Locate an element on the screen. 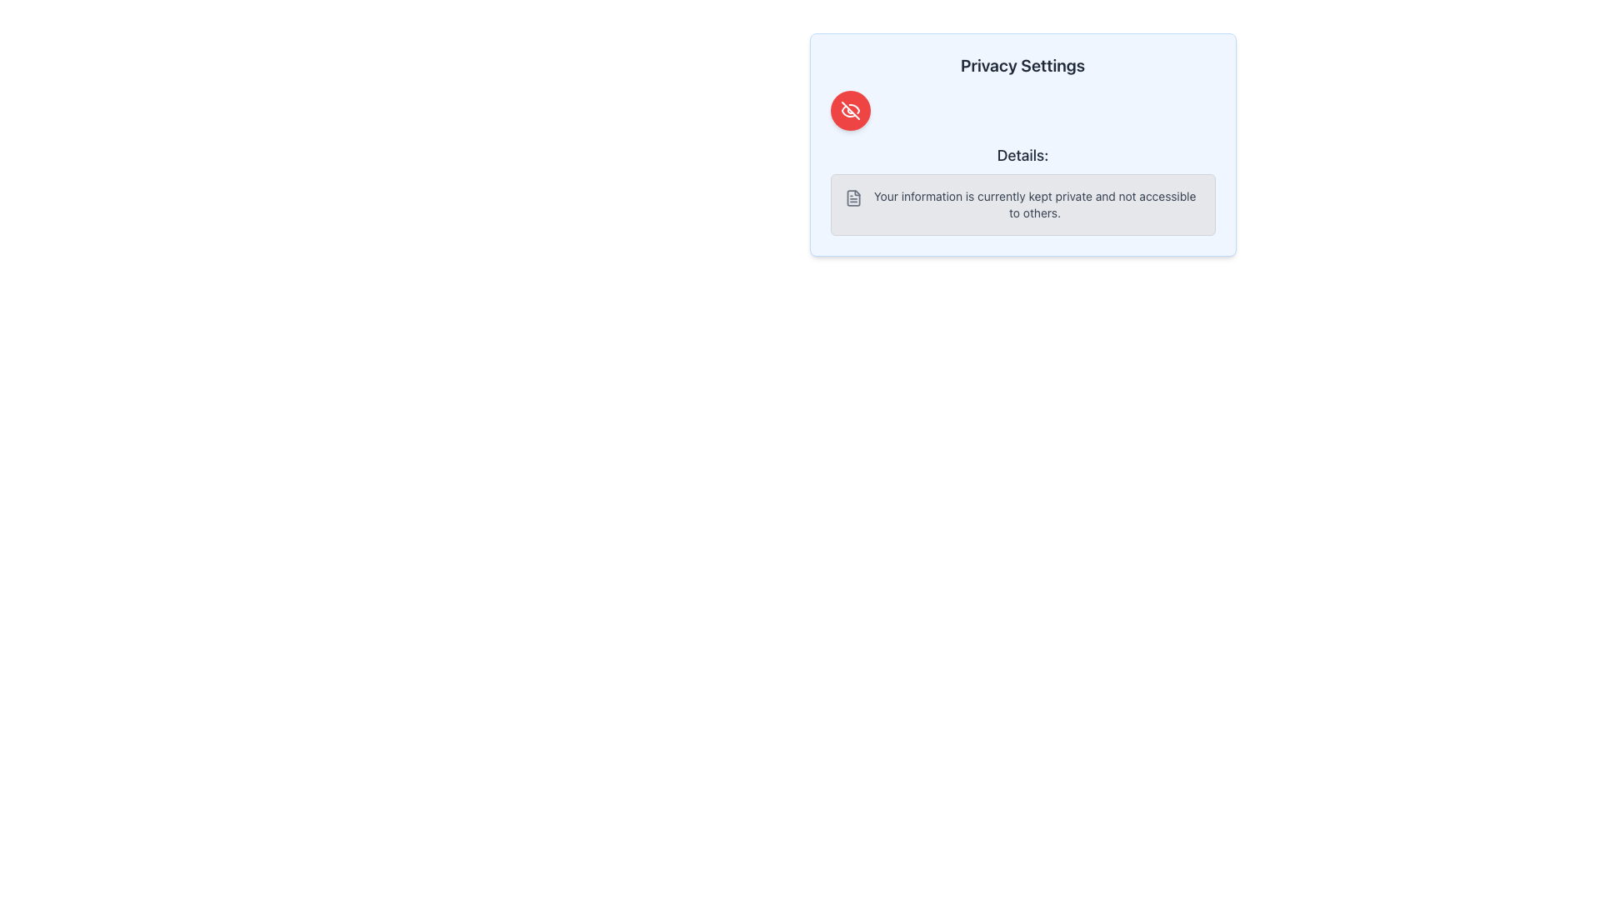  the prominent red eye icon with a diagonal slash is located at coordinates (850, 110).